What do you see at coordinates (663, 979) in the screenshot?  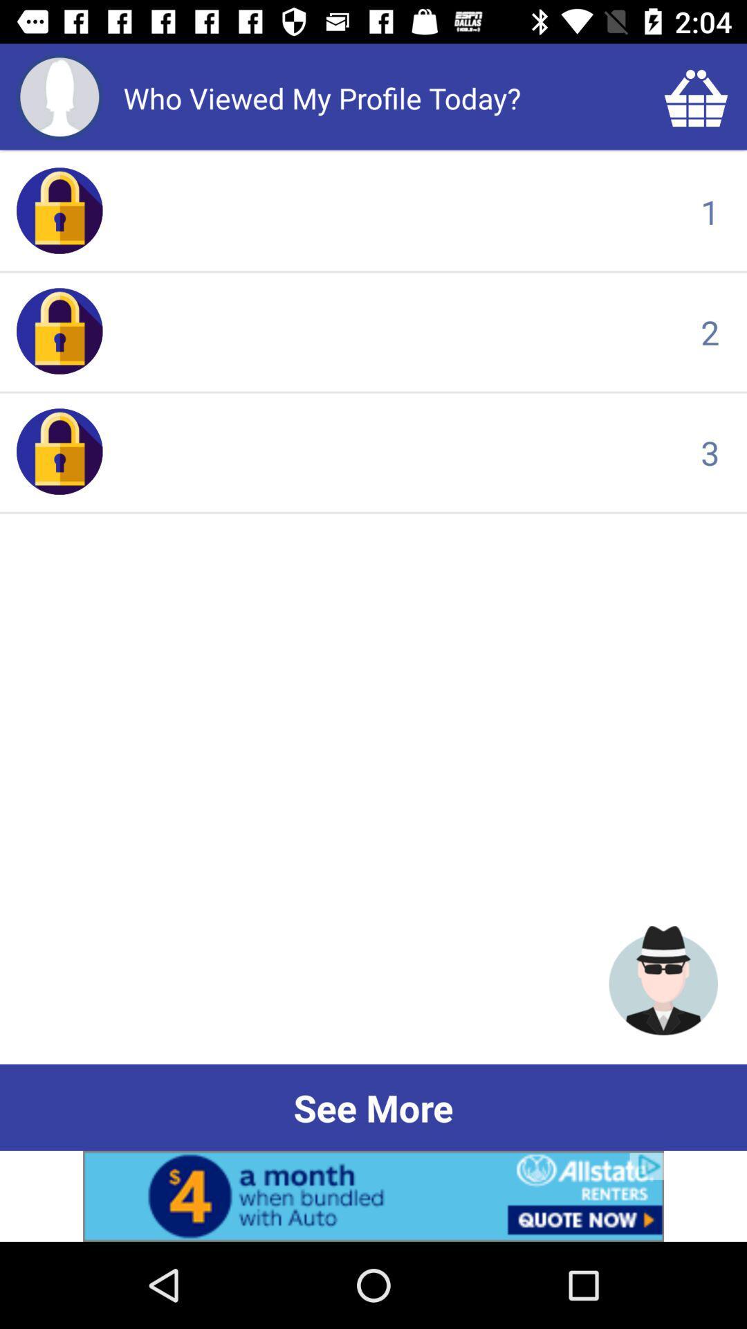 I see `the avatar icon` at bounding box center [663, 979].